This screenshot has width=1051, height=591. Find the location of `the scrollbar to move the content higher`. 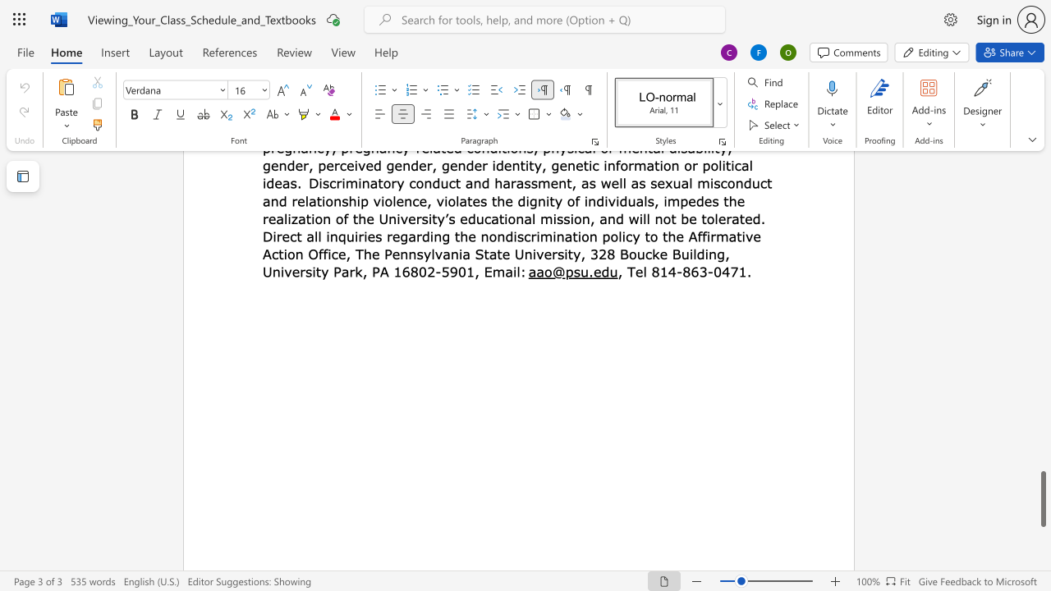

the scrollbar to move the content higher is located at coordinates (1042, 386).